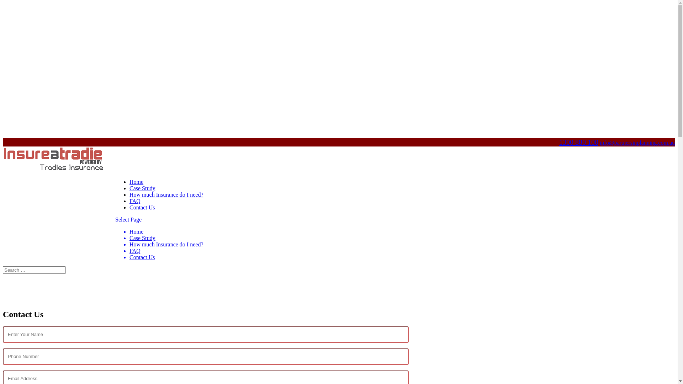 The width and height of the screenshot is (683, 384). What do you see at coordinates (599, 143) in the screenshot?
I see `'info@partnersinplanning.com.au'` at bounding box center [599, 143].